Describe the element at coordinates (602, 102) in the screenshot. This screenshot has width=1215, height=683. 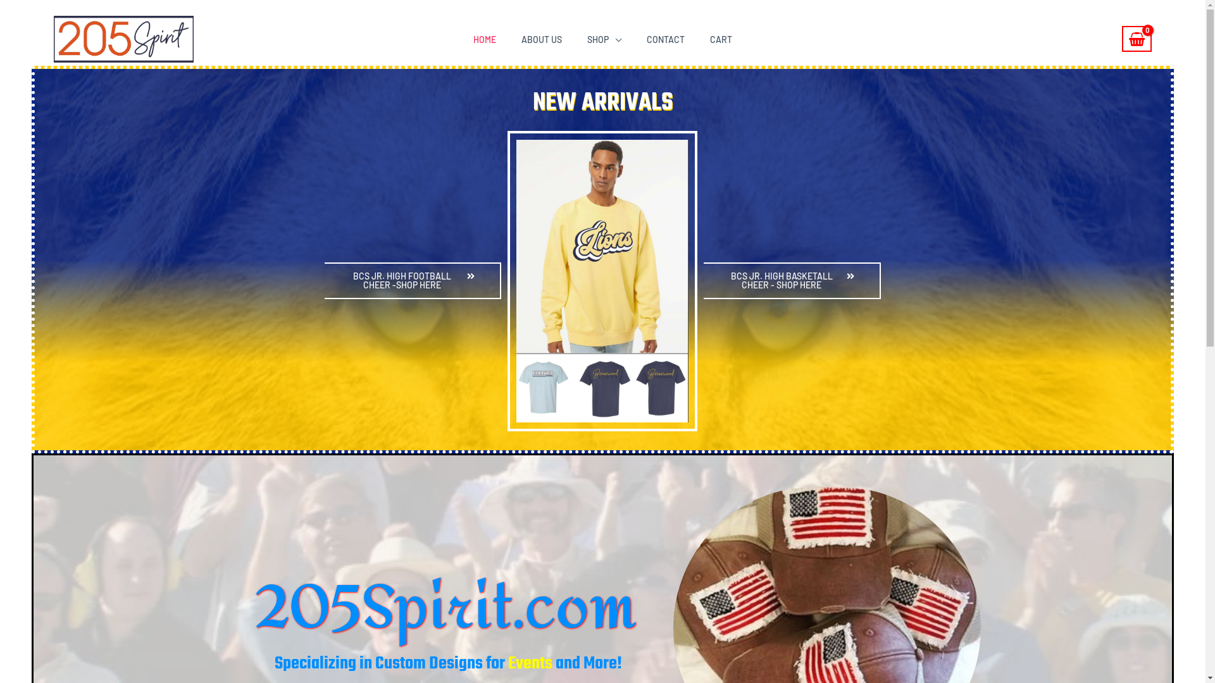
I see `'NEW ARRIVALS'` at that location.